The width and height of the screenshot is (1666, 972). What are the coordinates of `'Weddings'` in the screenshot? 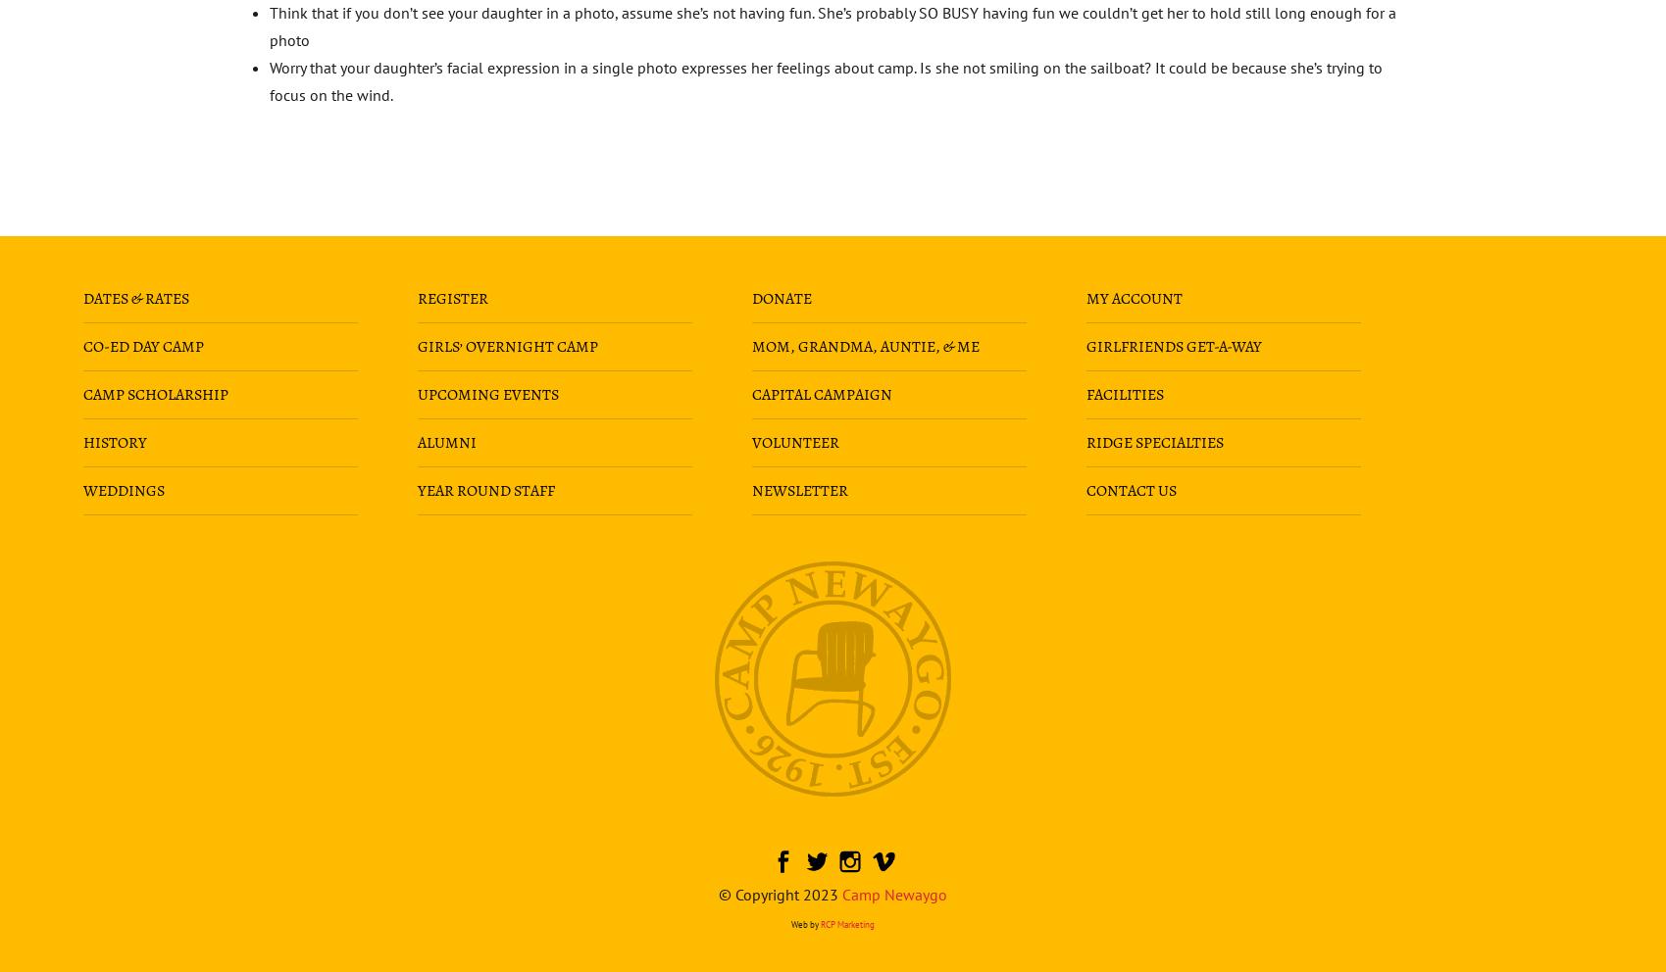 It's located at (122, 488).